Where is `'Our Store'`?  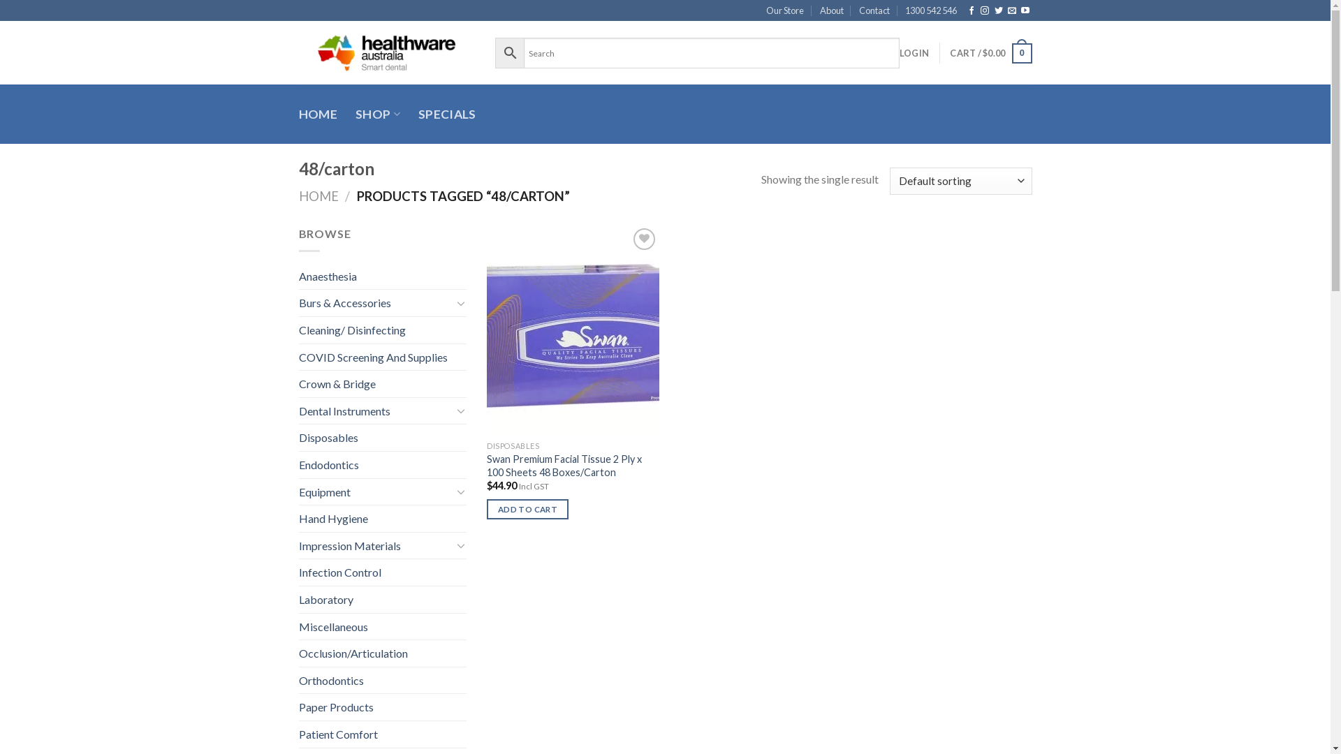
'Our Store' is located at coordinates (784, 10).